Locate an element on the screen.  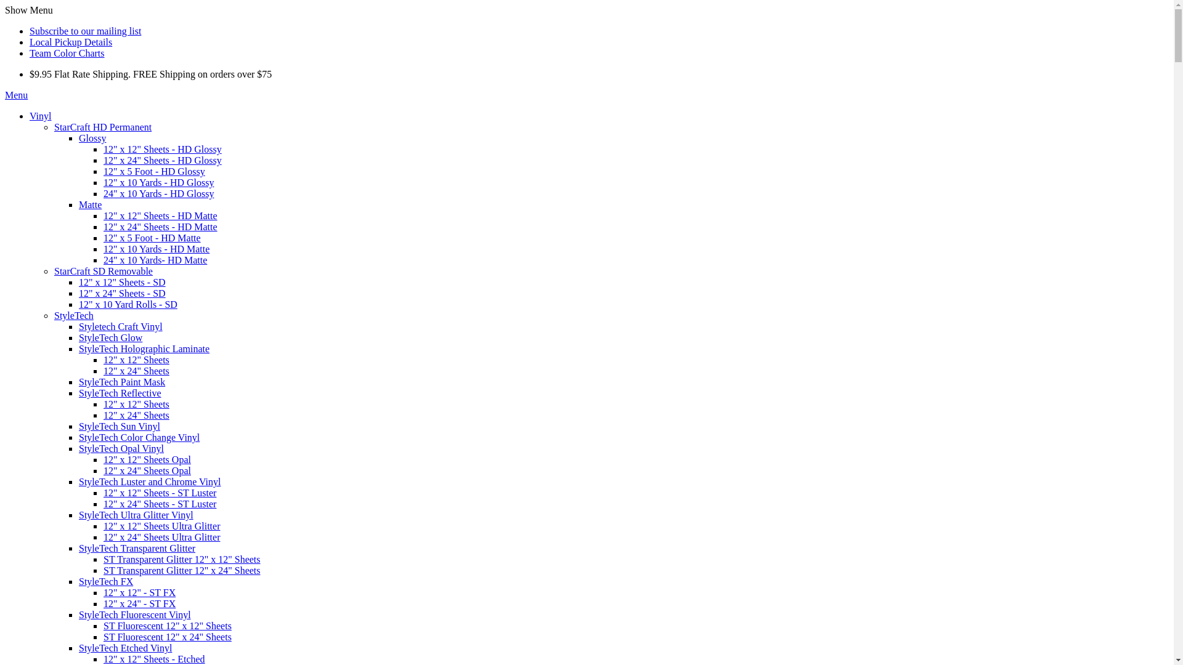
'12" x 12" Sheets' is located at coordinates (136, 360).